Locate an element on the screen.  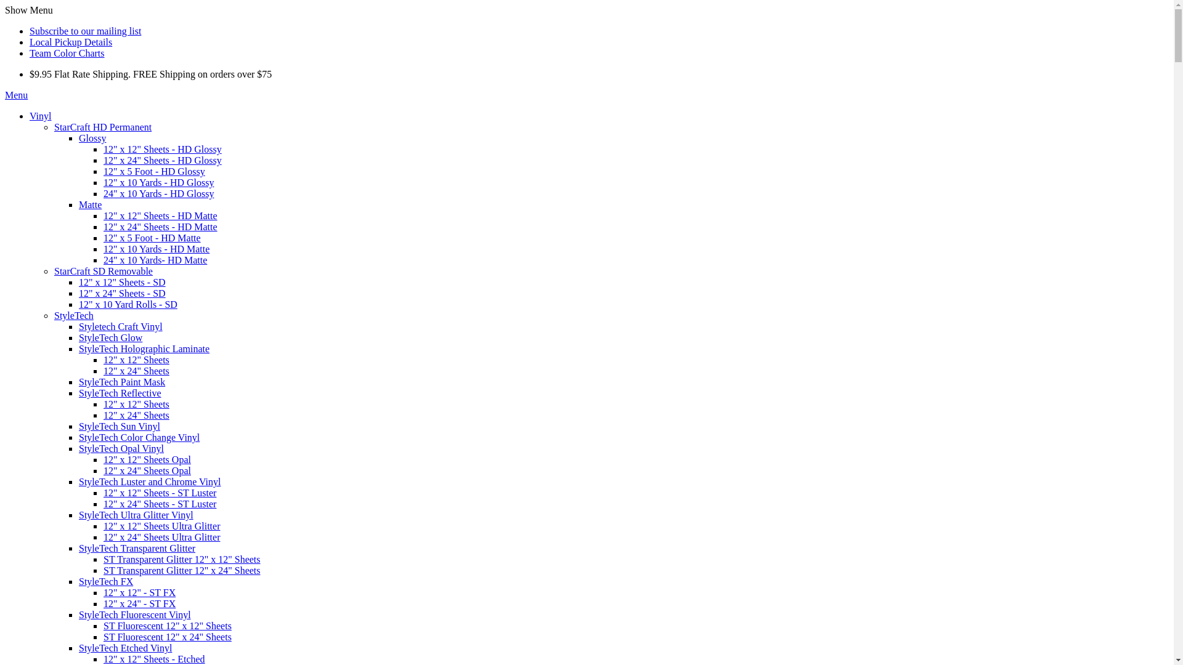
'12" x 12" Sheets' is located at coordinates (136, 360).